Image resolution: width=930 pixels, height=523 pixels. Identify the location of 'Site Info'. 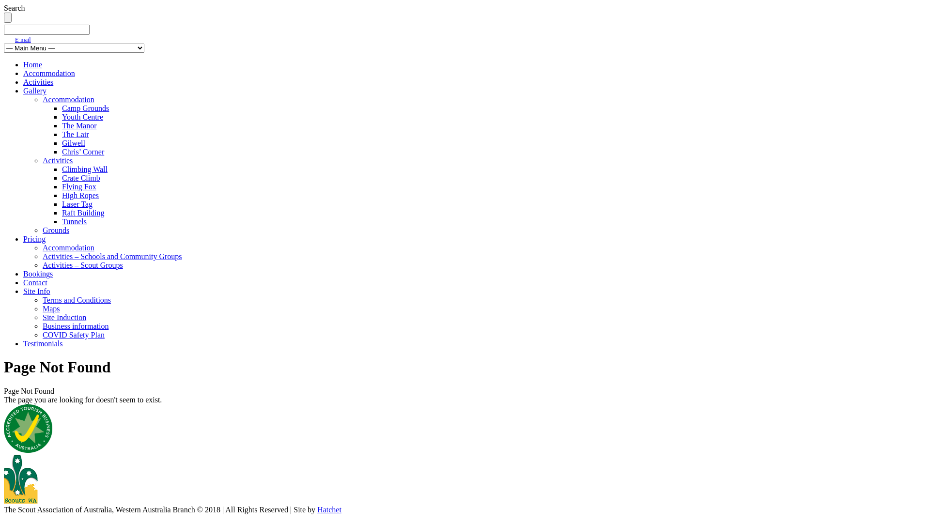
(23, 291).